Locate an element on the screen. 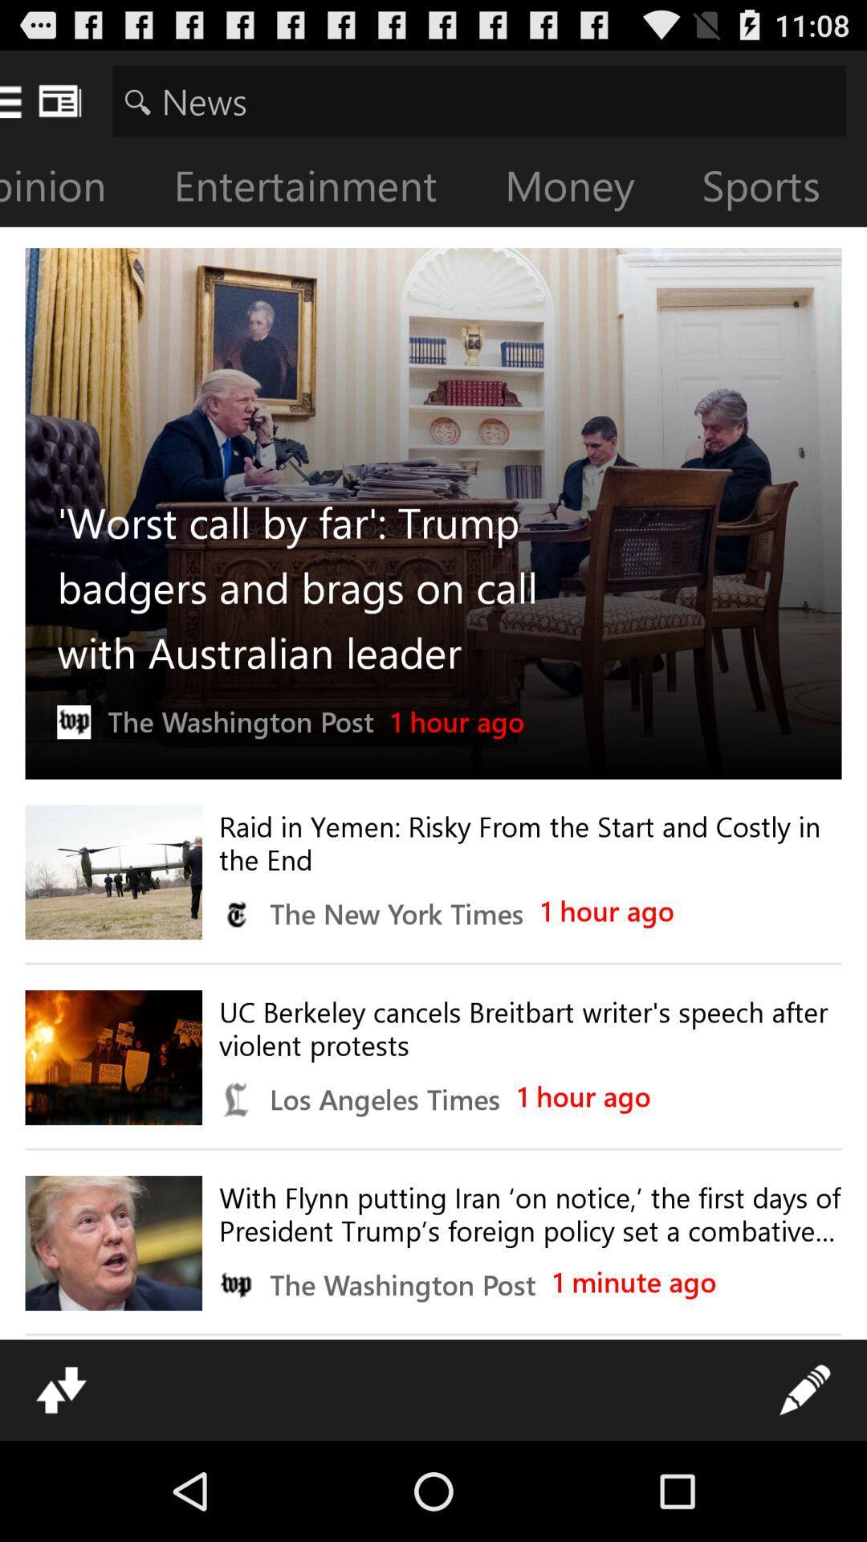 The image size is (867, 1542). search bar is located at coordinates (478, 100).